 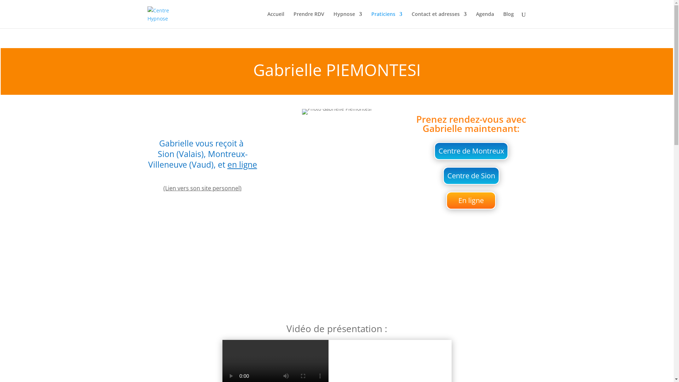 What do you see at coordinates (484, 19) in the screenshot?
I see `'Agenda'` at bounding box center [484, 19].